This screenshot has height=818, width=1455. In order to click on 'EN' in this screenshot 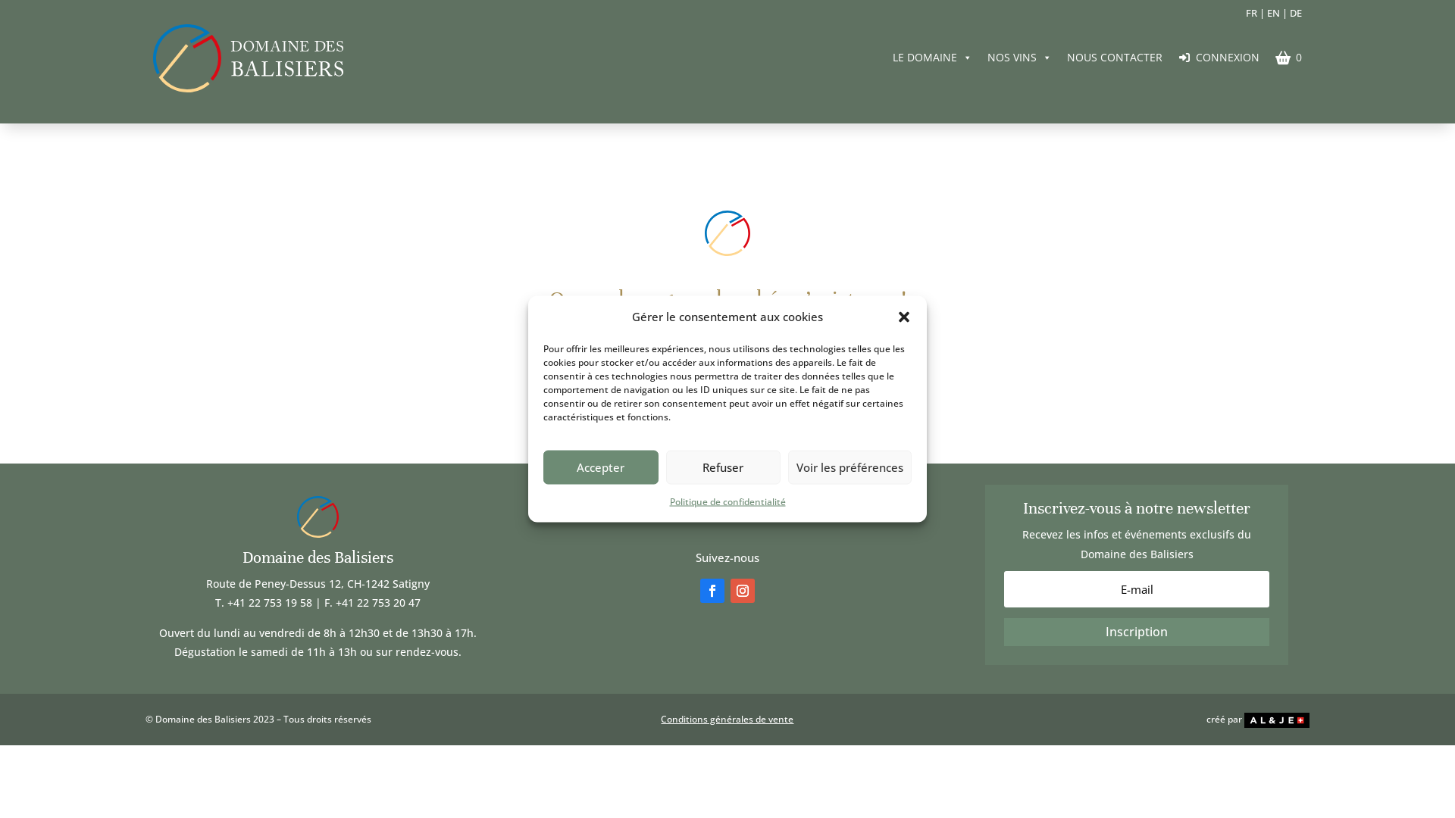, I will do `click(1266, 12)`.